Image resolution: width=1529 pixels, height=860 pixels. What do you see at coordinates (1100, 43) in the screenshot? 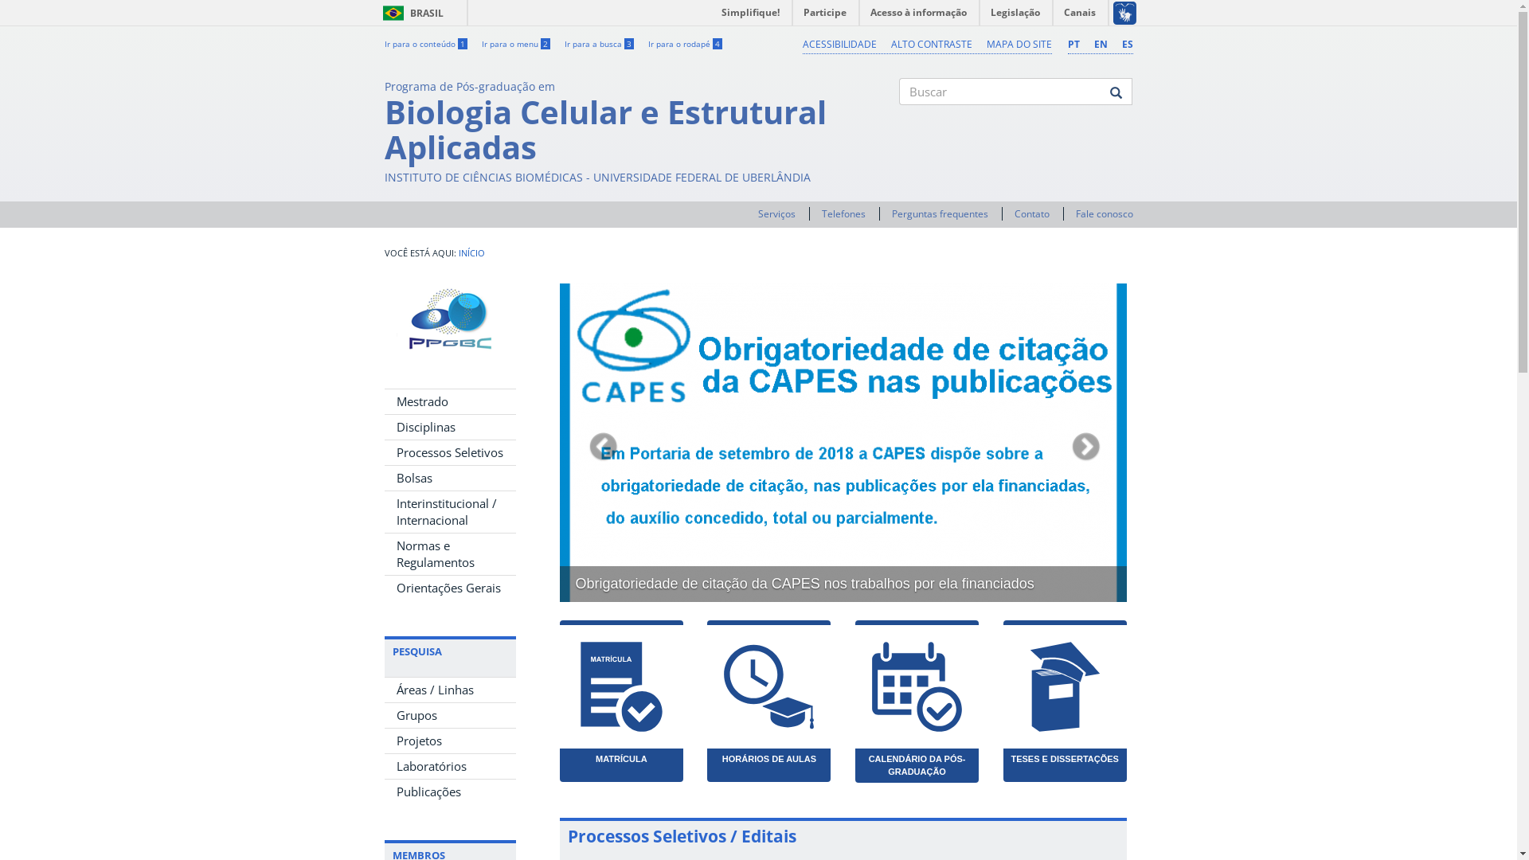
I see `'EN'` at bounding box center [1100, 43].